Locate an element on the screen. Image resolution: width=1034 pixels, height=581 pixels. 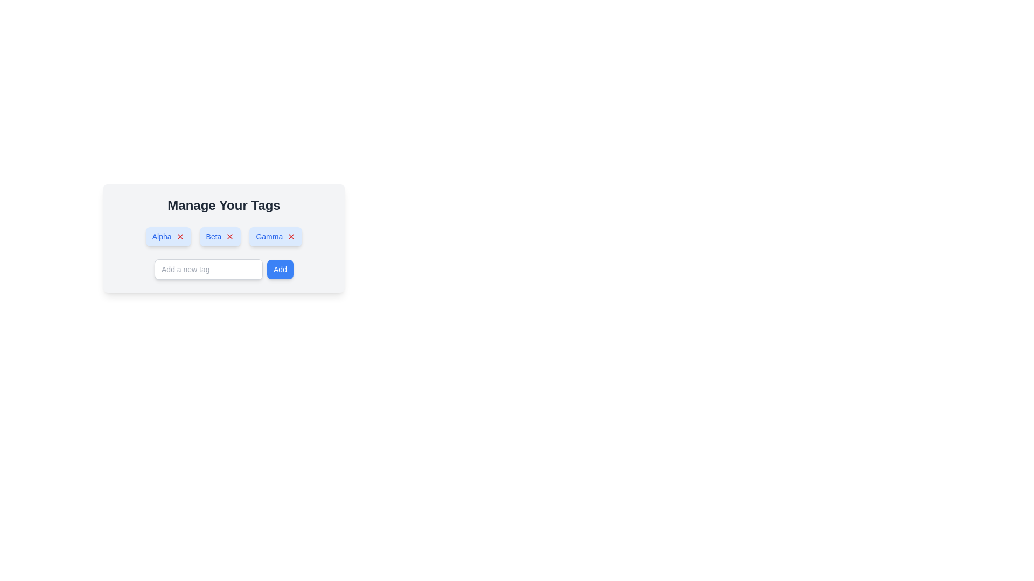
the text input field for adding a new tag, located immediately to the left of the blue 'Add' button is located at coordinates (208, 269).